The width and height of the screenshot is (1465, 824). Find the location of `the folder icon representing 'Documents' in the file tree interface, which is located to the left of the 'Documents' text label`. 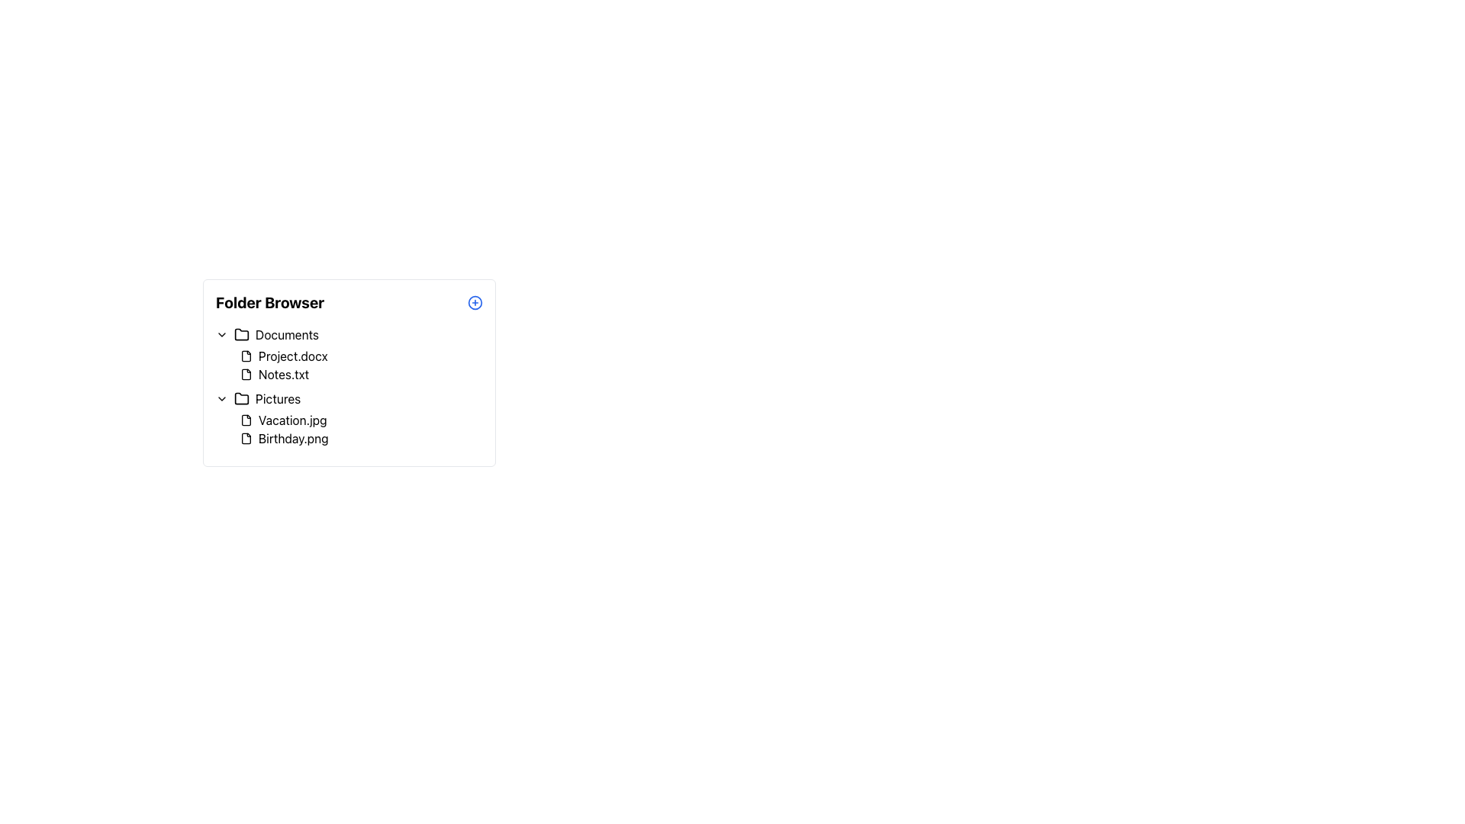

the folder icon representing 'Documents' in the file tree interface, which is located to the left of the 'Documents' text label is located at coordinates (240, 334).